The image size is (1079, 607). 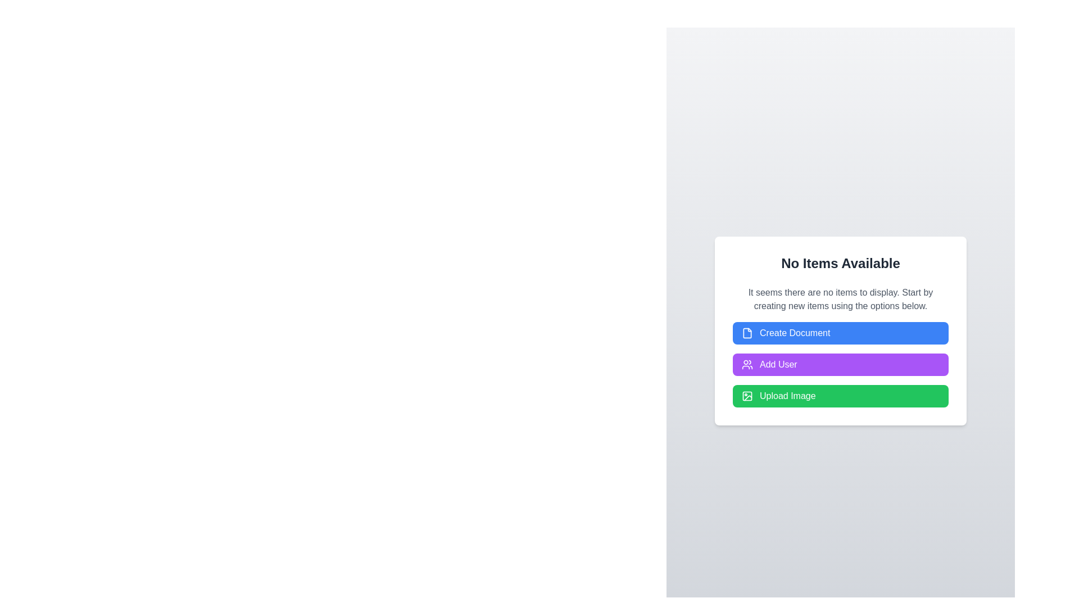 What do you see at coordinates (841, 364) in the screenshot?
I see `the purple 'Add User' button with rounded corners` at bounding box center [841, 364].